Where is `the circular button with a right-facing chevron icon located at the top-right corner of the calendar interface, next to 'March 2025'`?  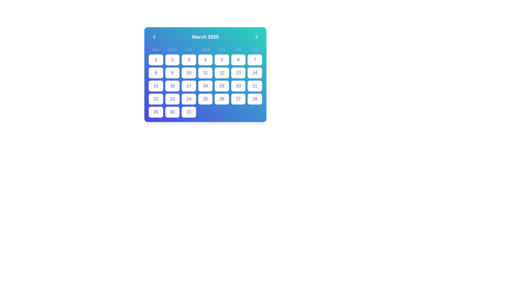
the circular button with a right-facing chevron icon located at the top-right corner of the calendar interface, next to 'March 2025' is located at coordinates (256, 37).